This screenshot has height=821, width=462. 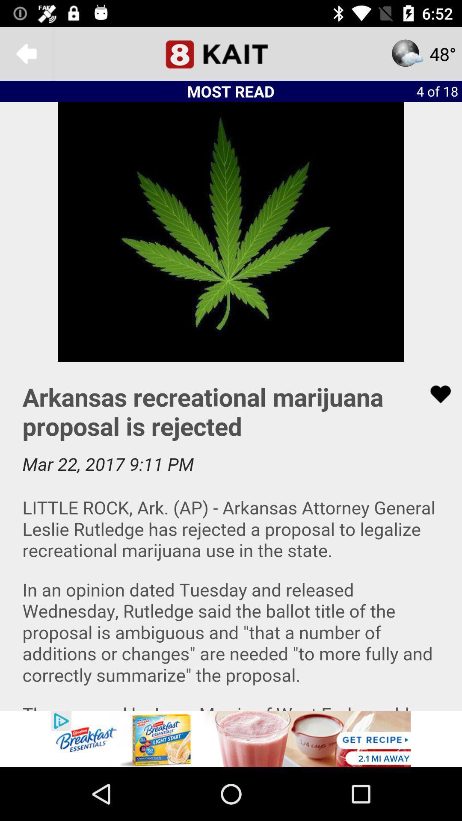 What do you see at coordinates (231, 53) in the screenshot?
I see `the home` at bounding box center [231, 53].